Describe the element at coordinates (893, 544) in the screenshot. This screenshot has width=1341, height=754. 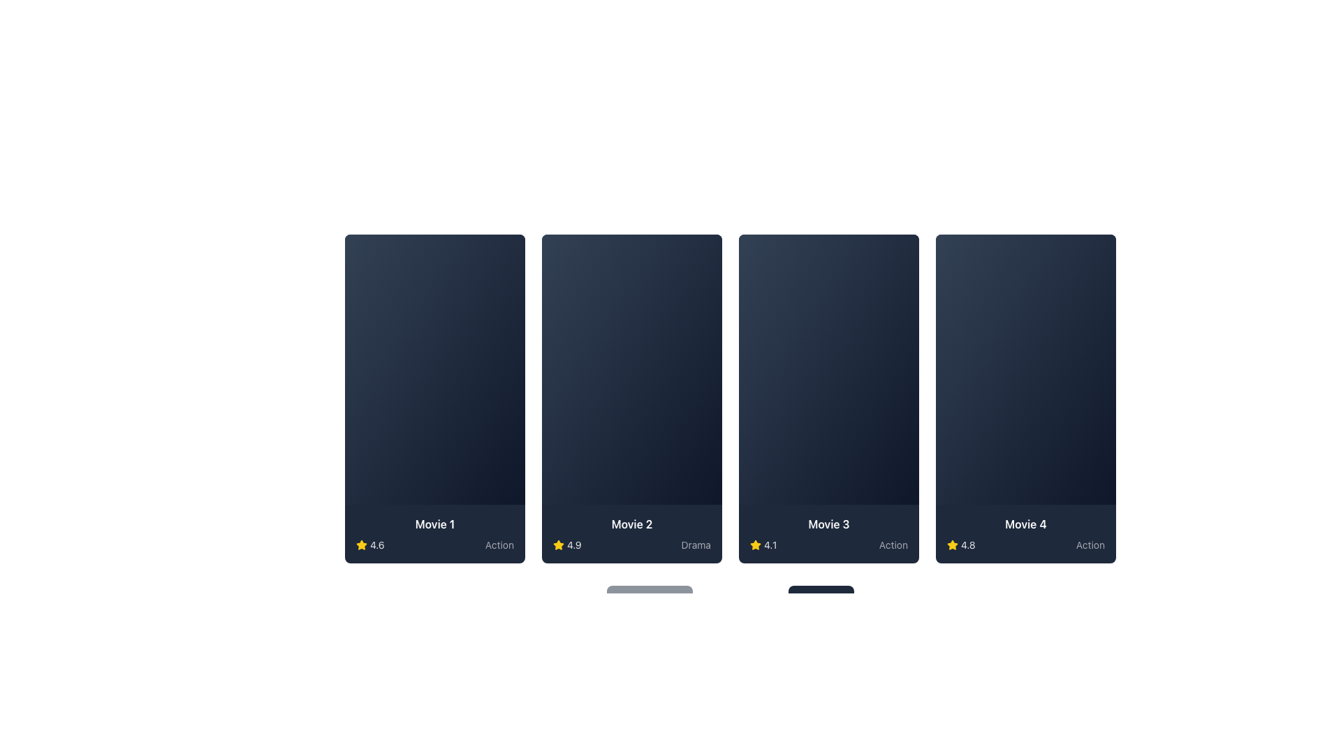
I see `the text label displaying 'Action' located at the bottom-right of the 'Movie 3' card` at that location.